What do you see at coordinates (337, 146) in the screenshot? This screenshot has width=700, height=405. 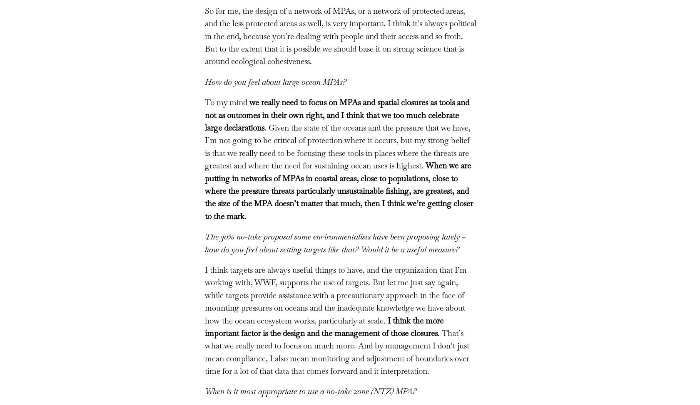 I see `'. Given the state of the oceans and the pressure that we have, I’m not going to be critical of protection where it occurs, but my strong belief is that we really need to be focusing these tools in places where the threats are greatest and where the need for sustaining ocean uses is highest.'` at bounding box center [337, 146].